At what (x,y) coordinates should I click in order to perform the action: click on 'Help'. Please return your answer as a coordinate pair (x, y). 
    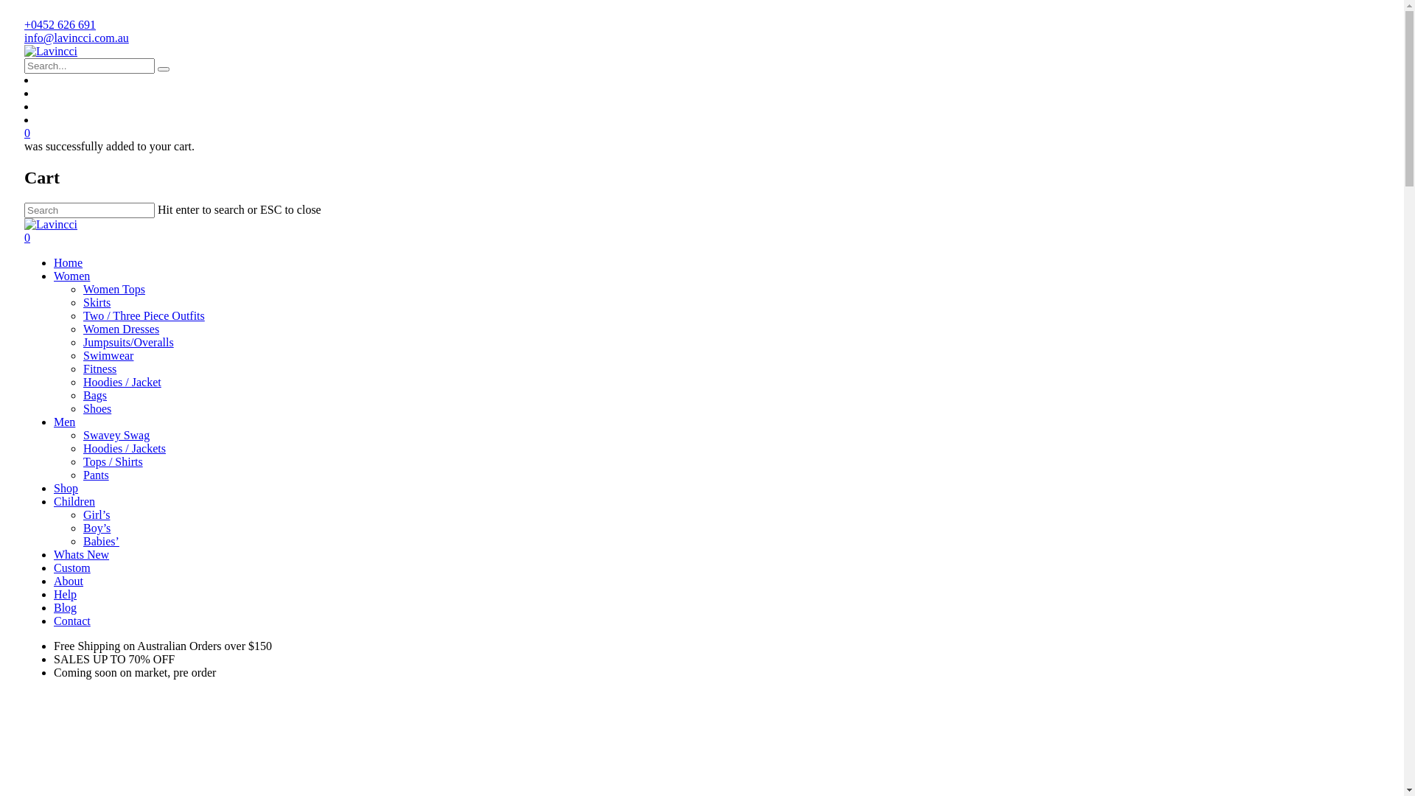
    Looking at the image, I should click on (64, 593).